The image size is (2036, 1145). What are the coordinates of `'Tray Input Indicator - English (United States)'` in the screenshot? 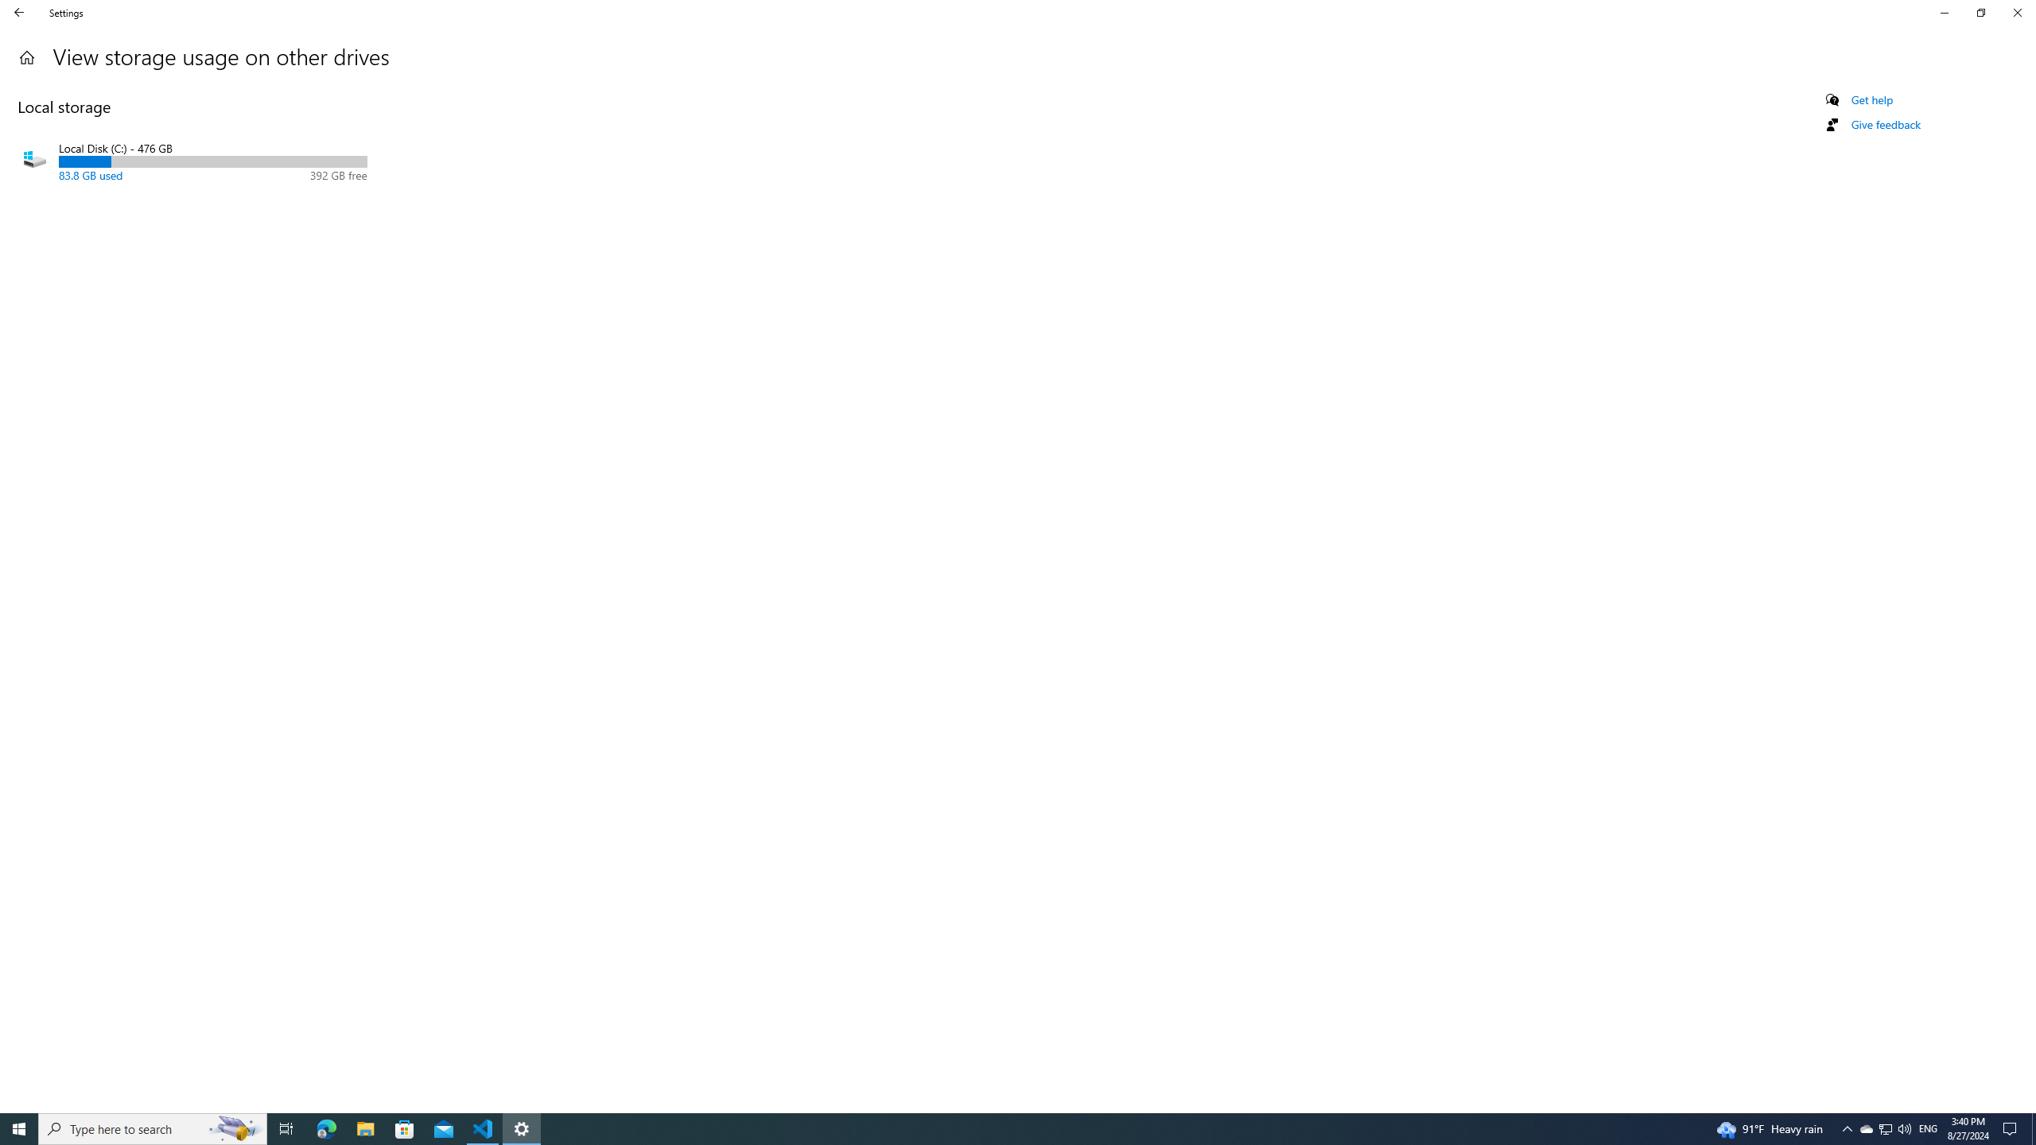 It's located at (1928, 1128).